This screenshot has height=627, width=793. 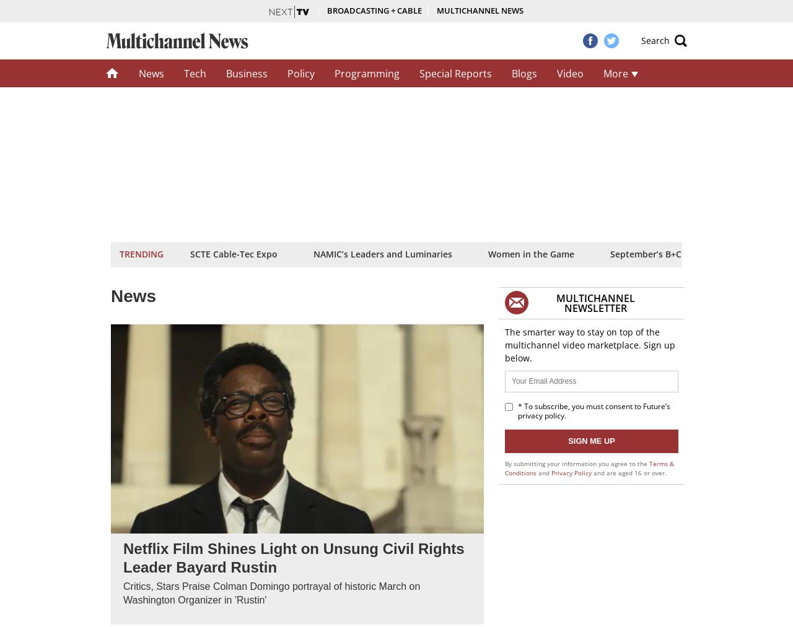 I want to click on 'Terms & Conditions', so click(x=589, y=467).